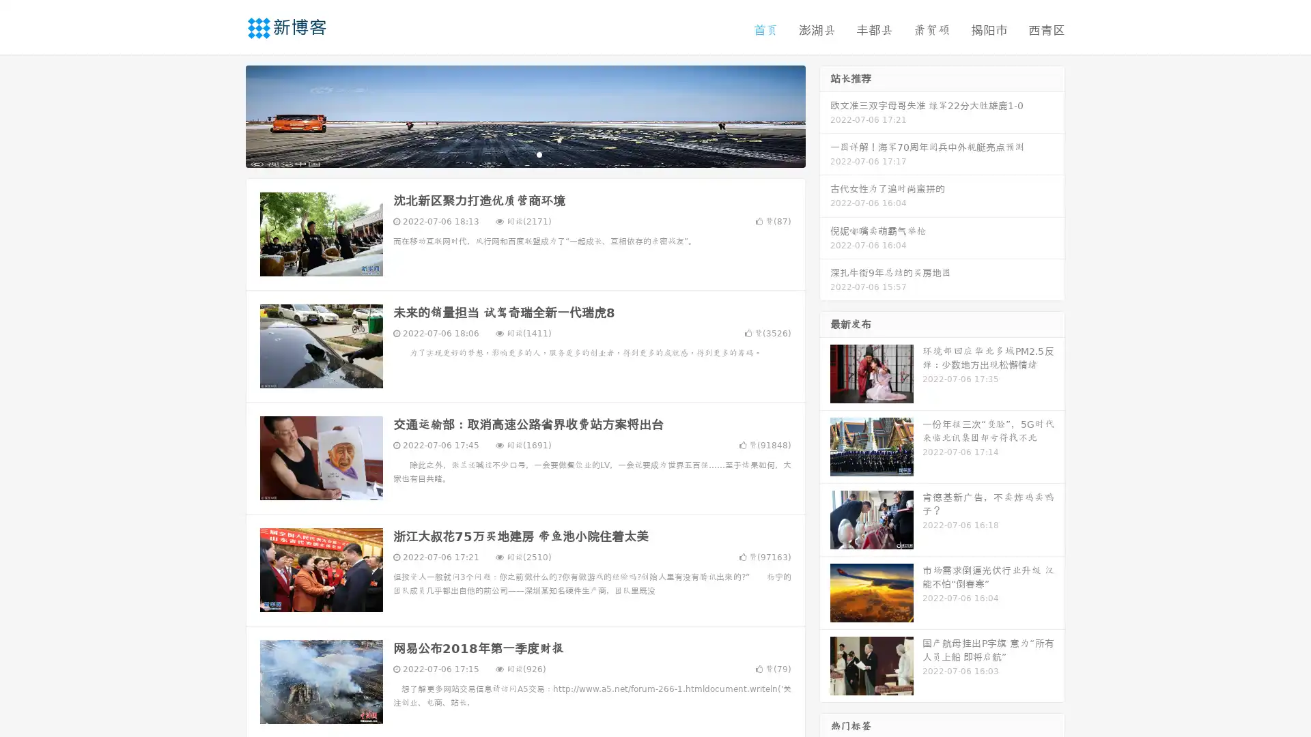 The height and width of the screenshot is (737, 1311). What do you see at coordinates (511, 154) in the screenshot?
I see `Go to slide 1` at bounding box center [511, 154].